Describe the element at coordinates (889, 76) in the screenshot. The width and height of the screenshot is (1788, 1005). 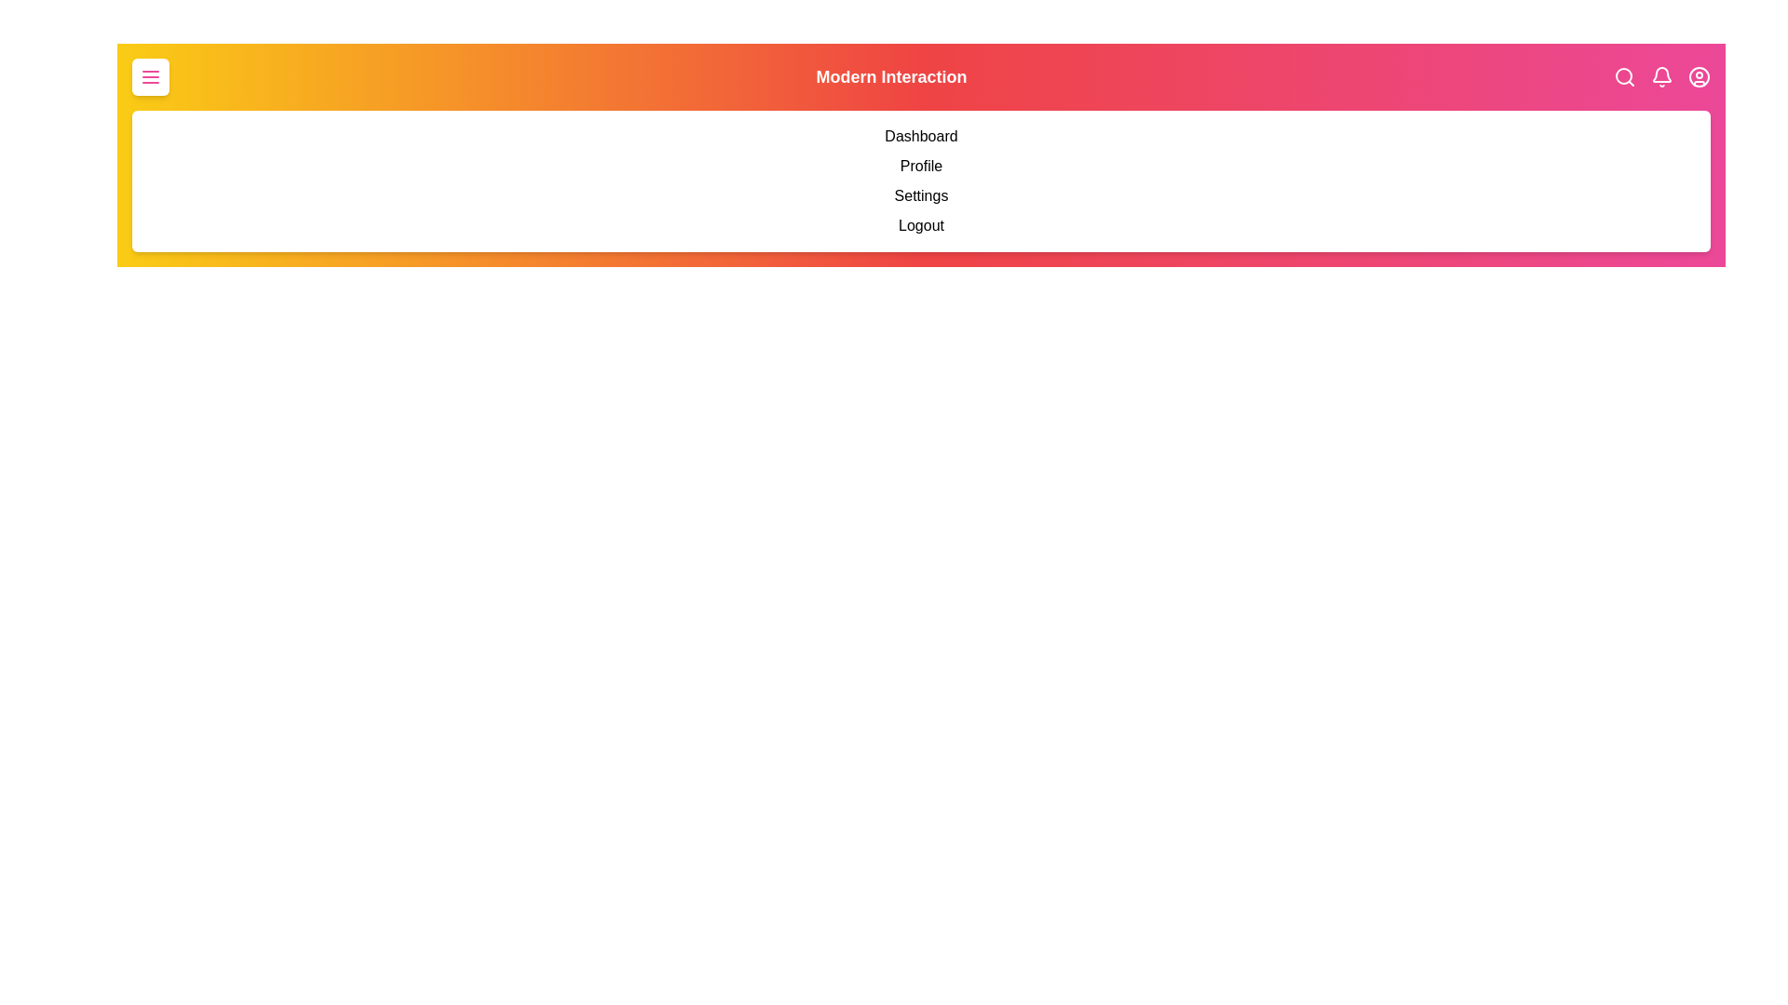
I see `the header text 'Modern Interaction' by clicking on its center` at that location.